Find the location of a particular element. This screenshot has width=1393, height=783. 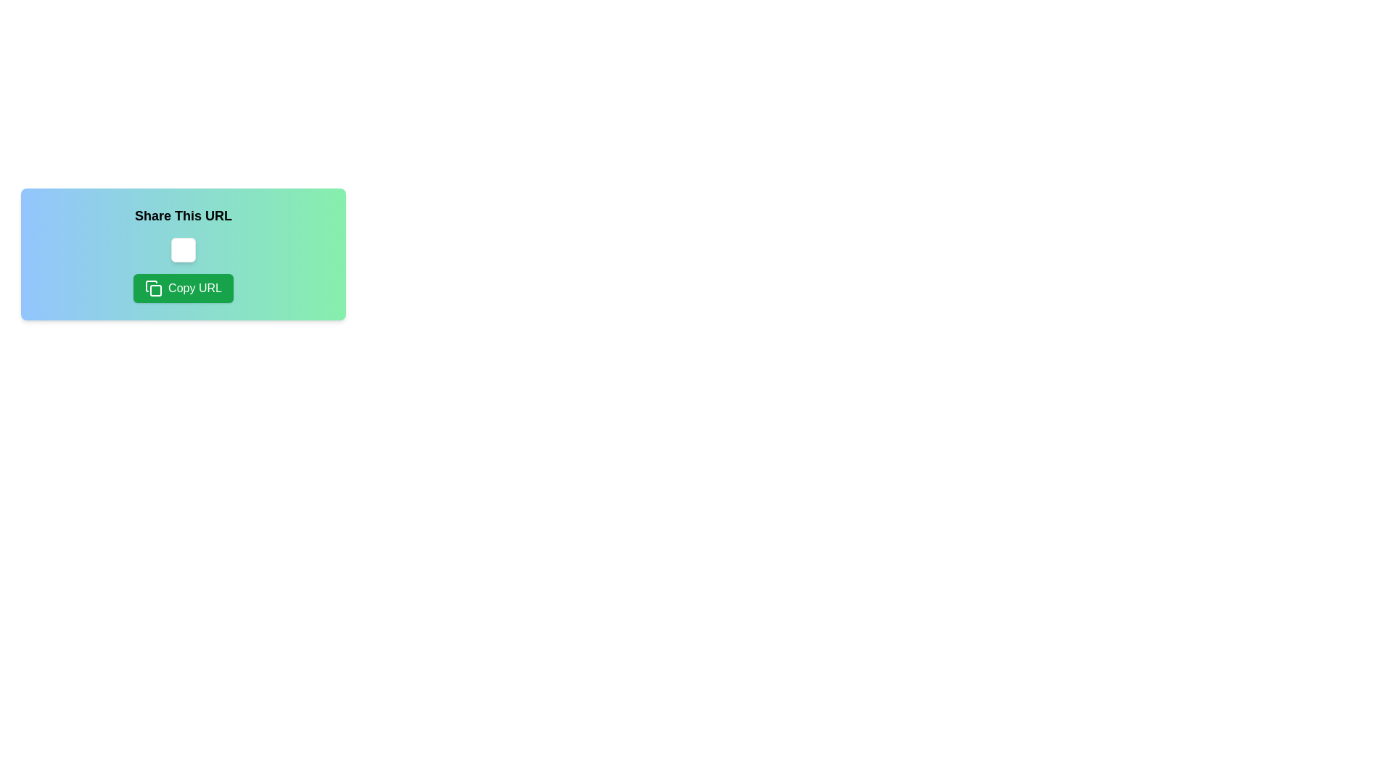

the icon resembling two overlapping rectangles, which is located within the green 'Copy URL' button is located at coordinates (154, 288).